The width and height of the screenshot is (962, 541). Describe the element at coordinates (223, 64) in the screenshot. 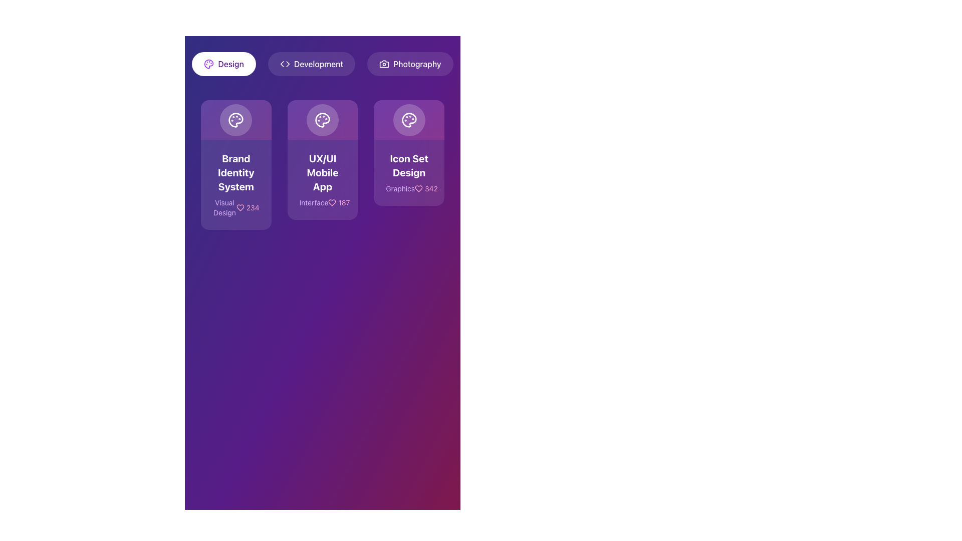

I see `the 'Design' filter button, which is the leftmost button in a row of three` at that location.